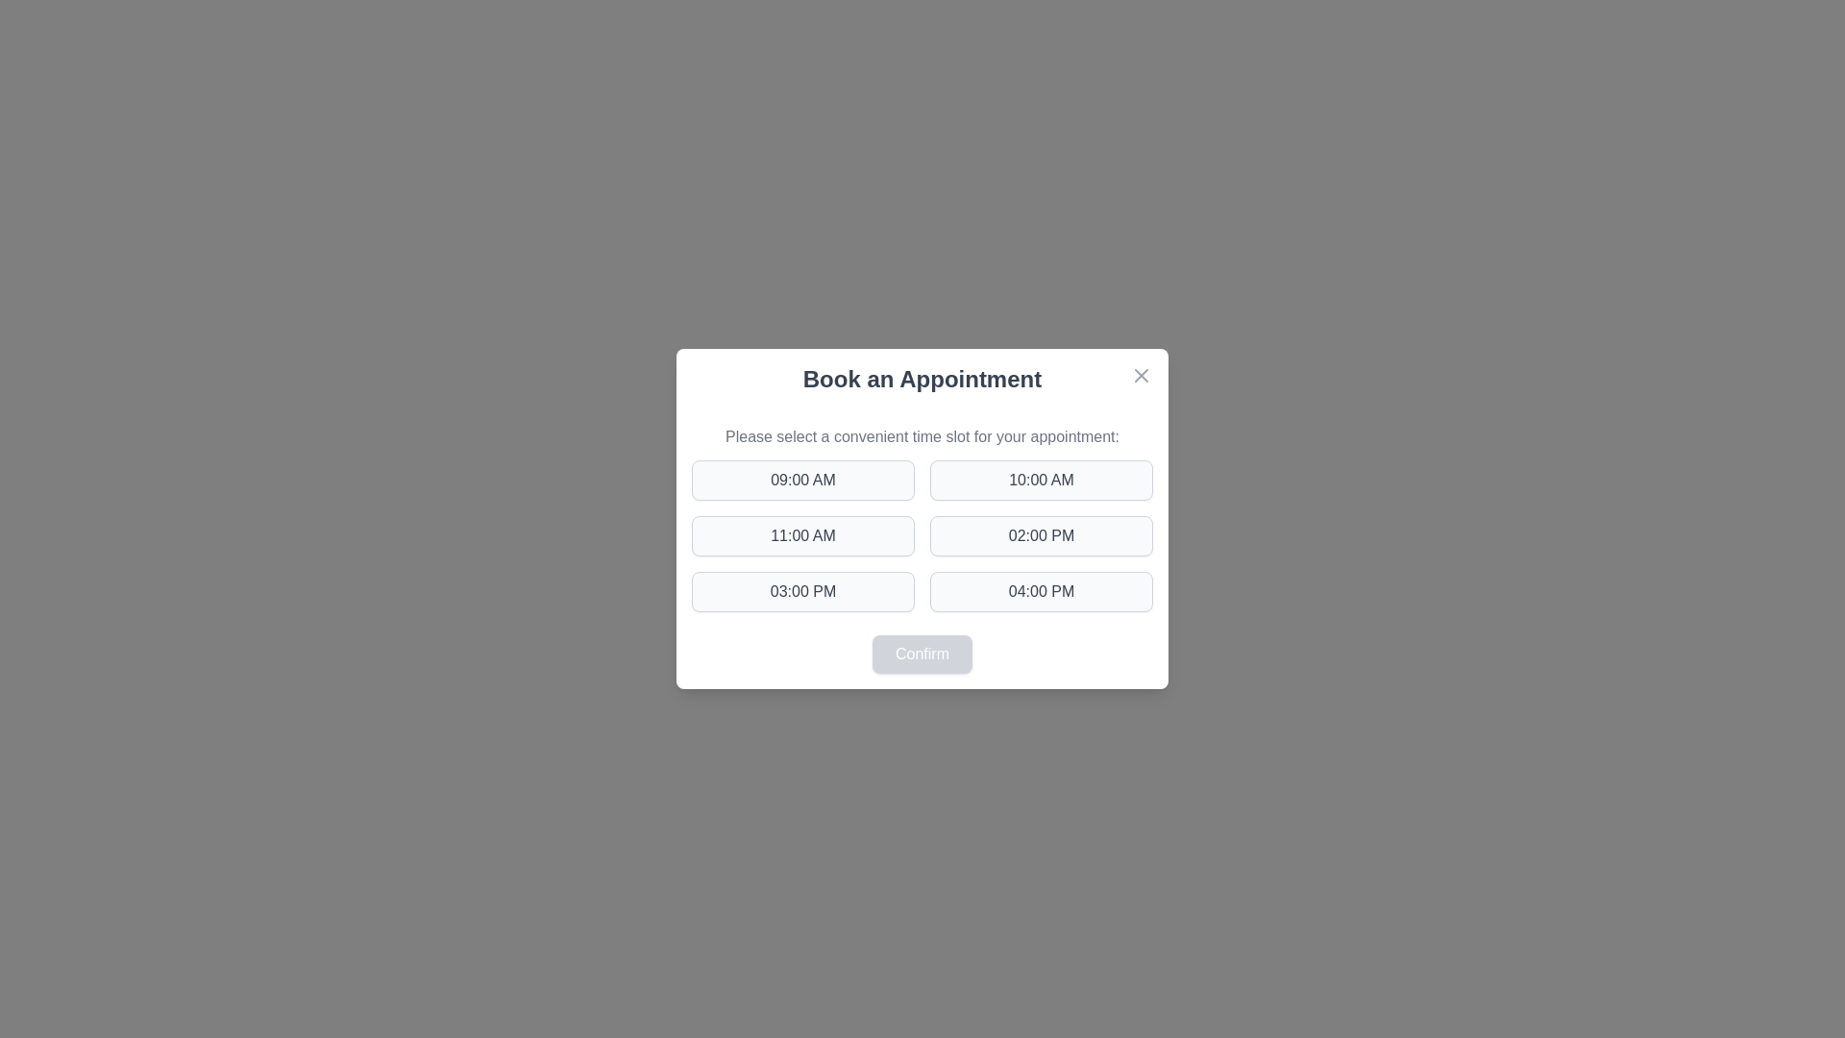 The image size is (1845, 1038). Describe the element at coordinates (802, 591) in the screenshot. I see `the time slot button labeled 03:00 PM` at that location.